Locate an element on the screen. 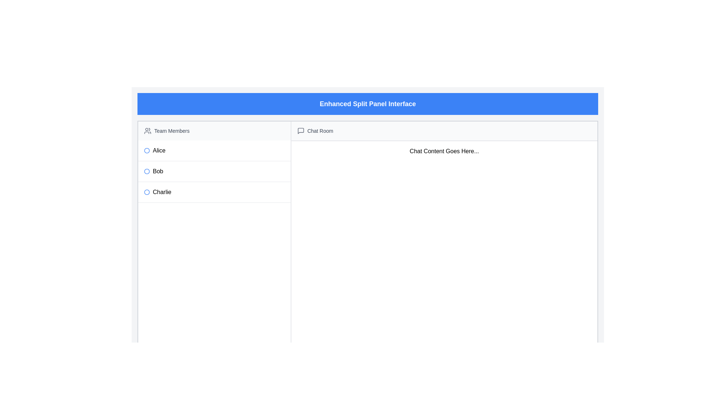 Image resolution: width=702 pixels, height=394 pixels. the circle icon on the left side of the list item labeled Charlie, which is the third item in the Team Members section is located at coordinates (147, 192).